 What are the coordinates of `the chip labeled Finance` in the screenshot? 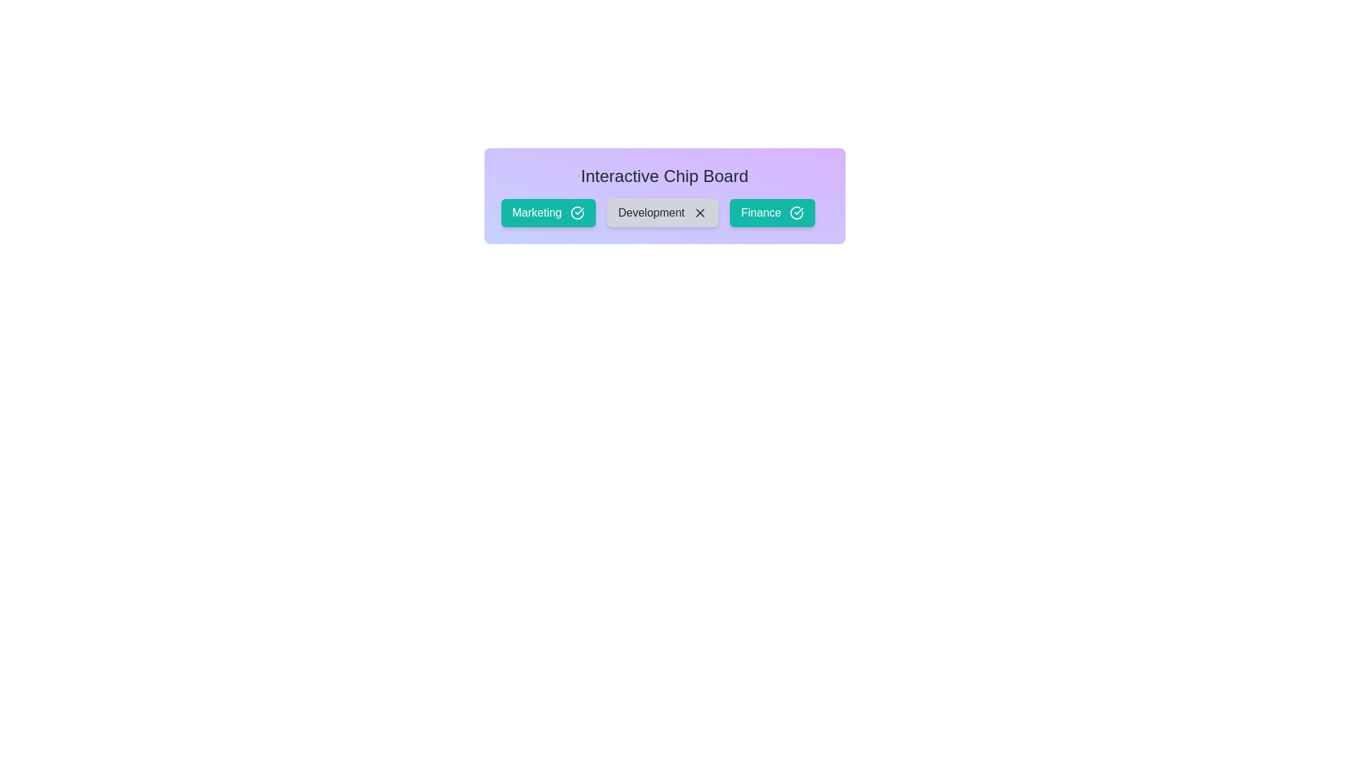 It's located at (771, 212).